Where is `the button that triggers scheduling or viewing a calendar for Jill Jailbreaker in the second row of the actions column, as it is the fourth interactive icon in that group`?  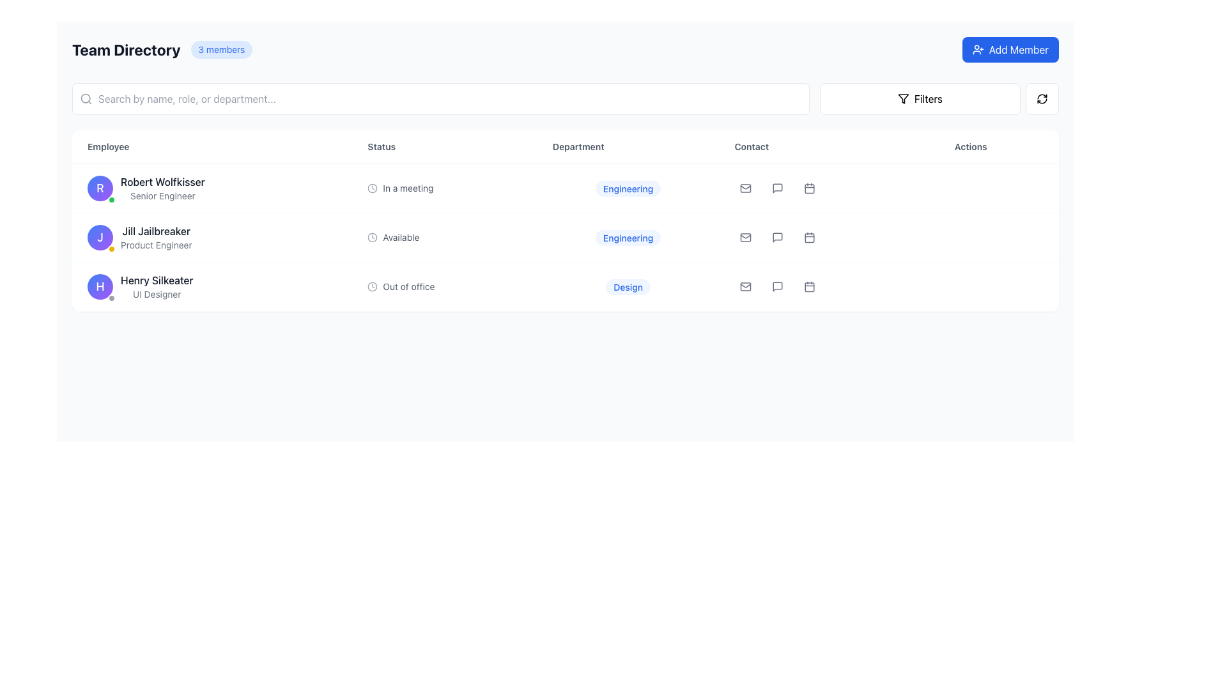 the button that triggers scheduling or viewing a calendar for Jill Jailbreaker in the second row of the actions column, as it is the fourth interactive icon in that group is located at coordinates (808, 188).